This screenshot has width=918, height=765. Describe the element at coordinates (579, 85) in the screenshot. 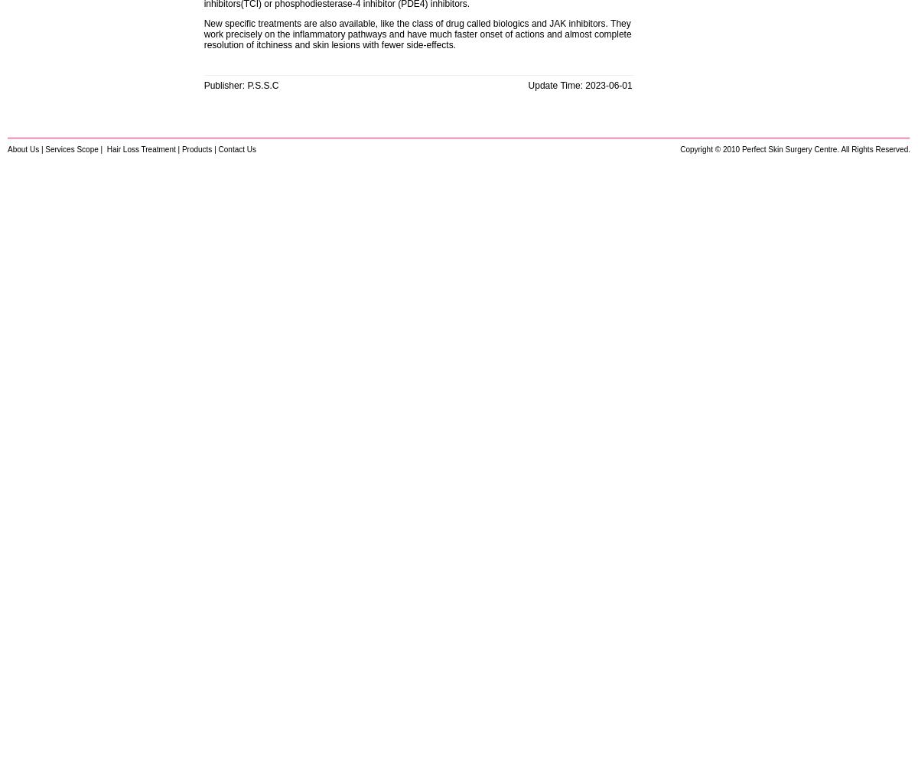

I see `'Update Time: 2023-06-01'` at that location.